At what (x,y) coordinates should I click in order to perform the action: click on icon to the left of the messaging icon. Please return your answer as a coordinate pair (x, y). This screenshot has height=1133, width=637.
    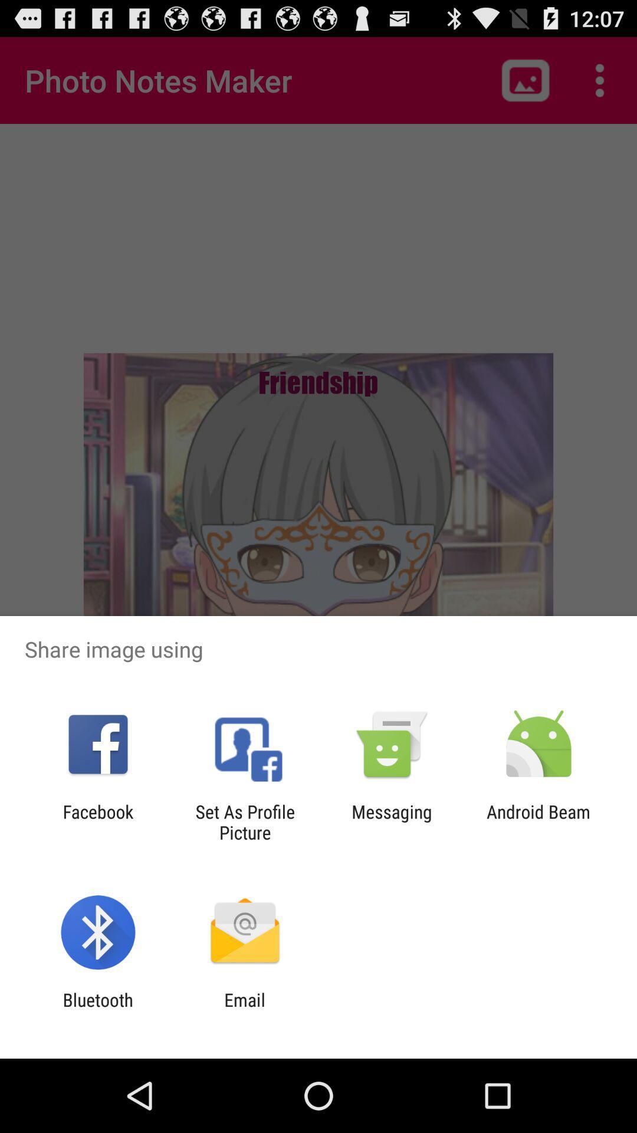
    Looking at the image, I should click on (244, 821).